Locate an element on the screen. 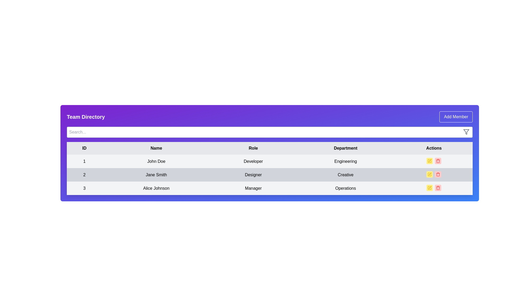 Image resolution: width=507 pixels, height=285 pixels. the red trash can icon located in the 'Actions' column of the 'Operations' row is located at coordinates (438, 188).